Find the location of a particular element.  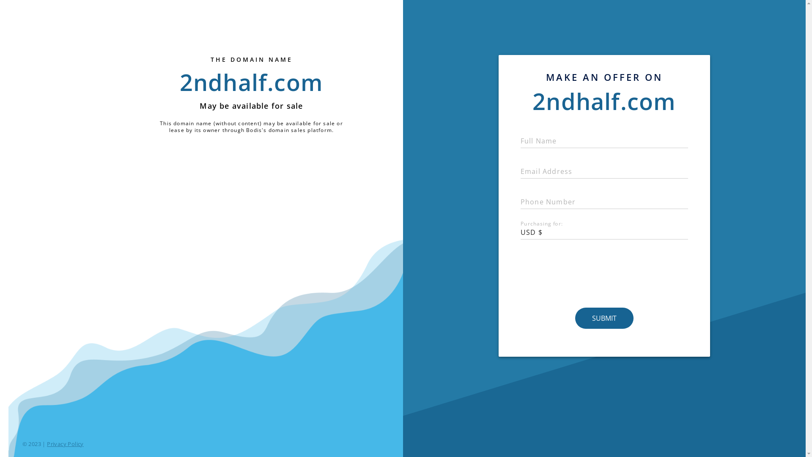

'reCAPTCHA' is located at coordinates (604, 274).